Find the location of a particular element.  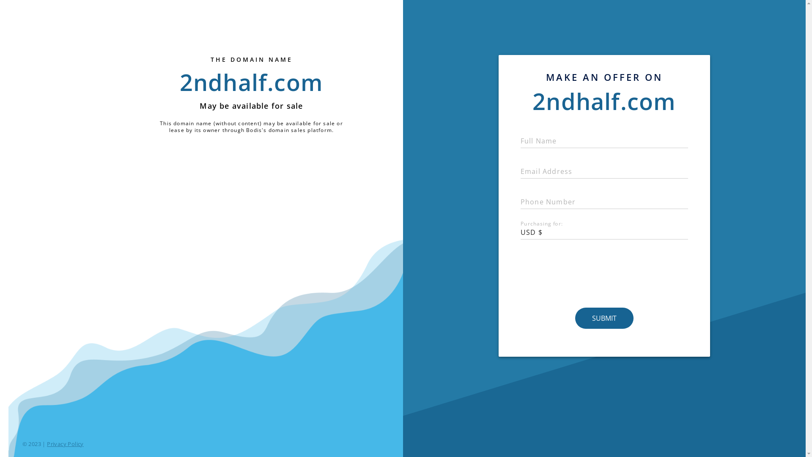

'reCAPTCHA' is located at coordinates (604, 274).